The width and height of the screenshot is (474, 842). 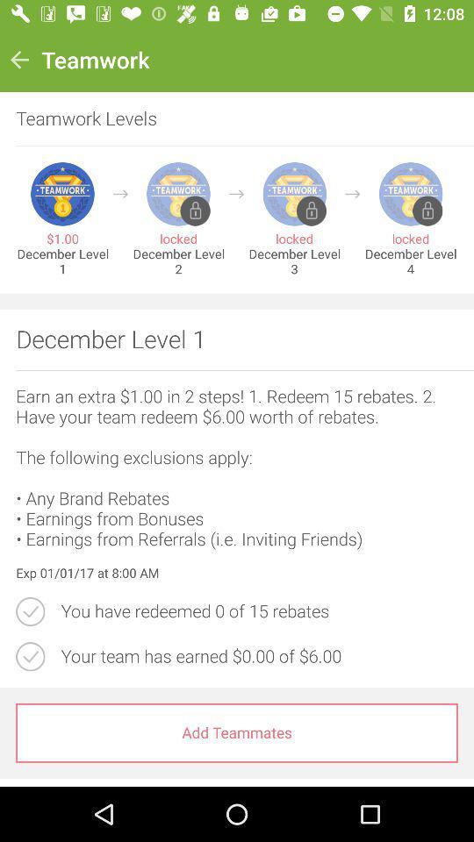 What do you see at coordinates (352, 194) in the screenshot?
I see `item above the december level 3 item` at bounding box center [352, 194].